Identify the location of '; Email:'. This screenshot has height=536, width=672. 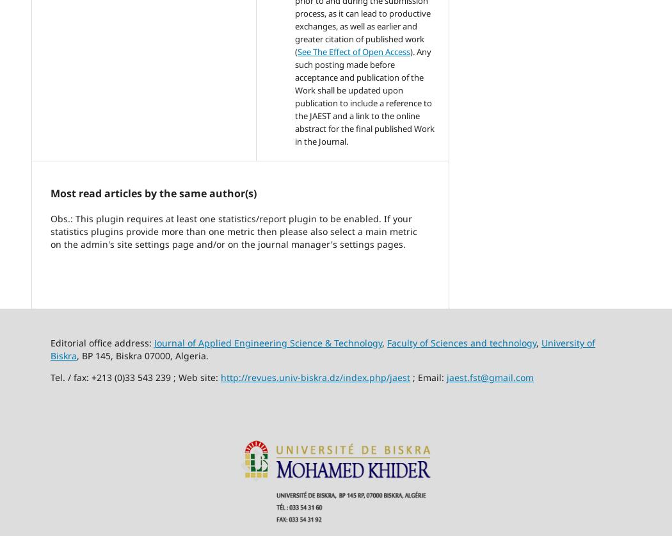
(410, 377).